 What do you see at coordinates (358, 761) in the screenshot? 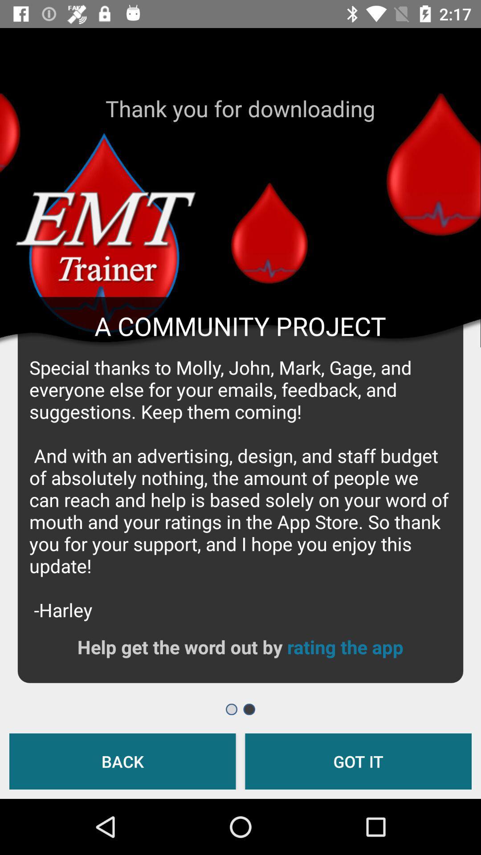
I see `got it icon` at bounding box center [358, 761].